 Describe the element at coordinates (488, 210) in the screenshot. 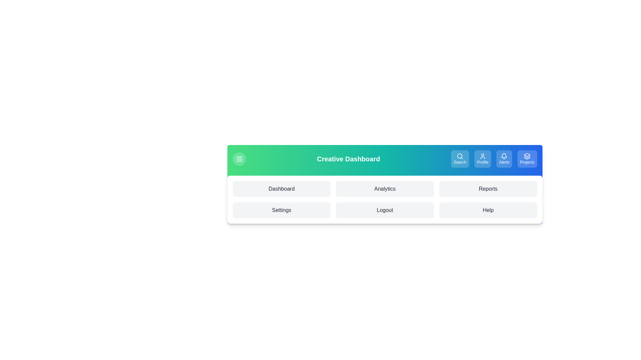

I see `the menu item labeled Help` at that location.